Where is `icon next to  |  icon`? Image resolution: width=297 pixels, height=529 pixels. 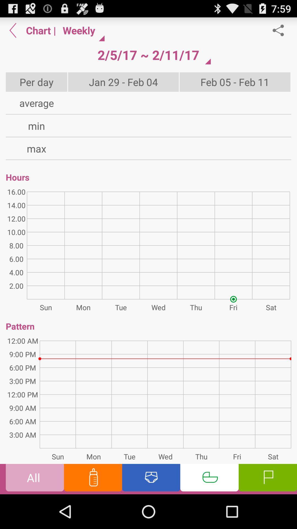
icon next to  |  icon is located at coordinates (148, 55).